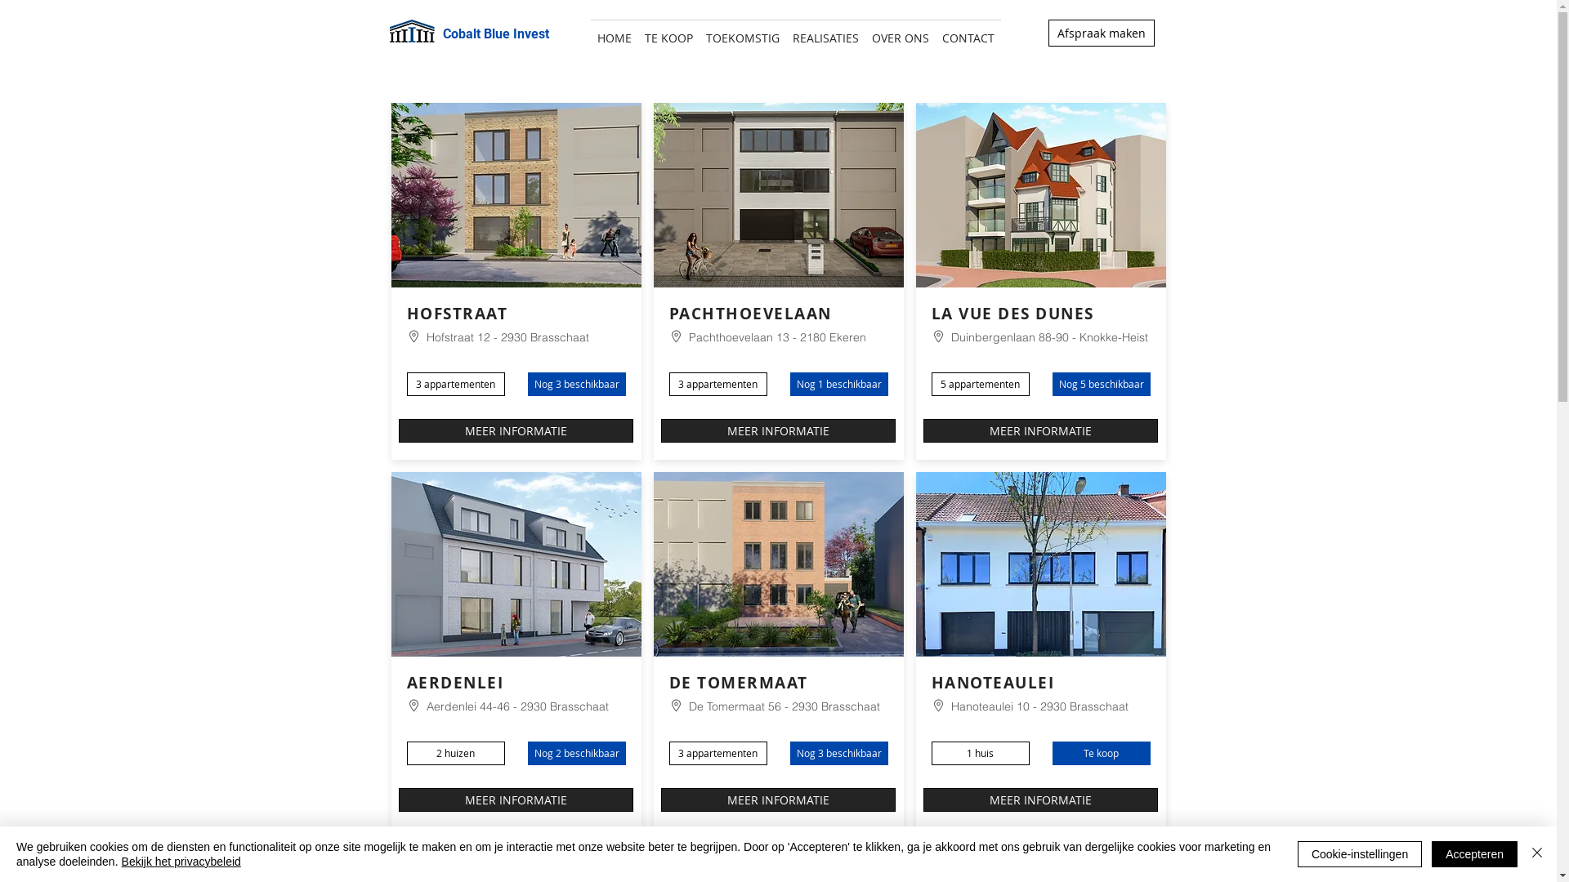  What do you see at coordinates (981, 753) in the screenshot?
I see `'1 huis'` at bounding box center [981, 753].